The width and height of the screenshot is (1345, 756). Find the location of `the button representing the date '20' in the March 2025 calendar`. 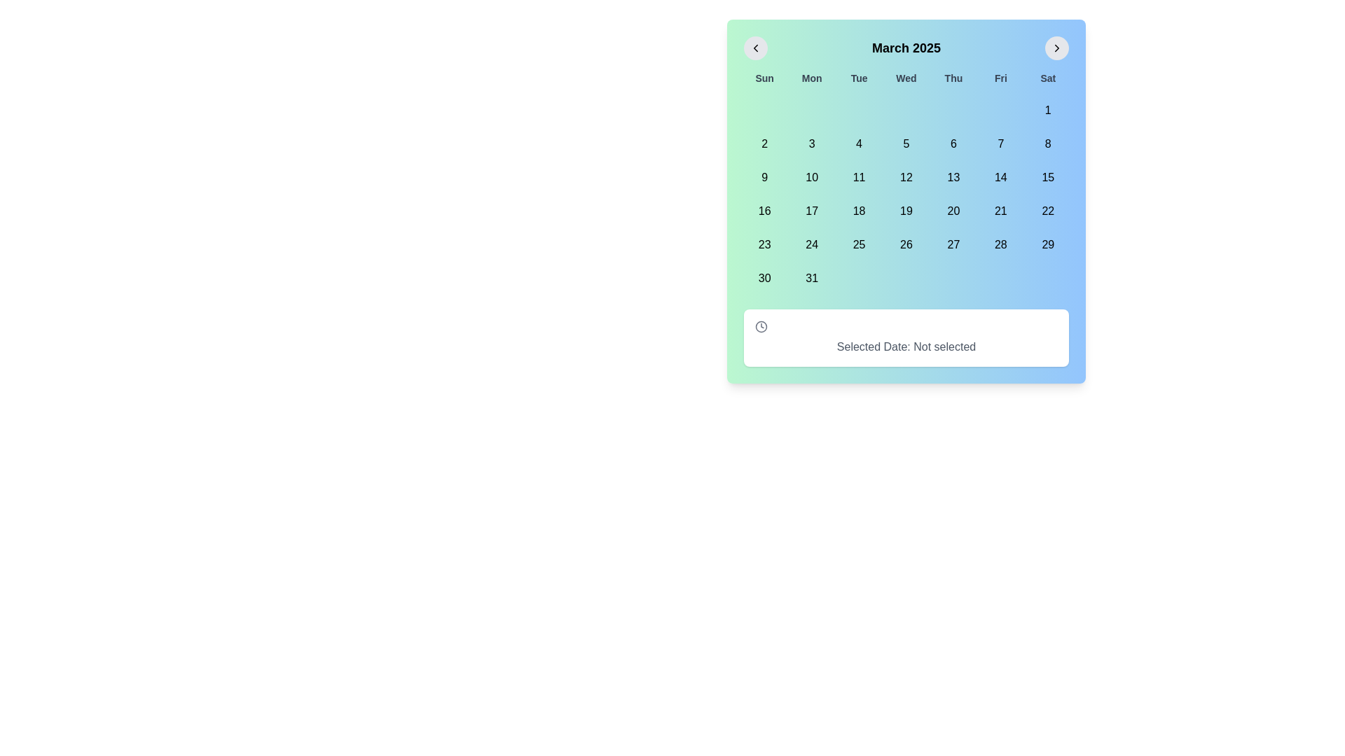

the button representing the date '20' in the March 2025 calendar is located at coordinates (953, 211).